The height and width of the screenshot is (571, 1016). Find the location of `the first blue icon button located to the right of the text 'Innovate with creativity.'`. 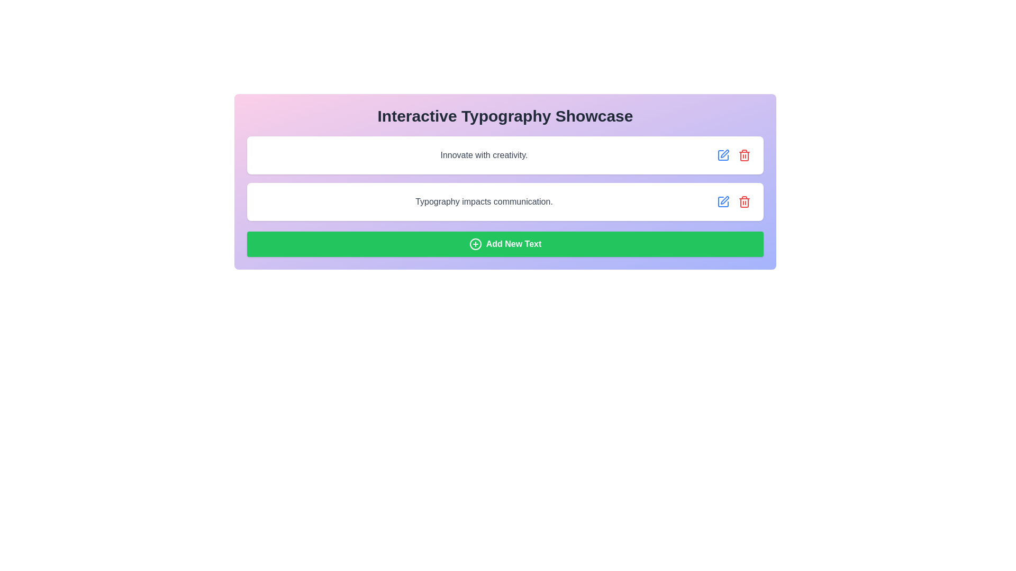

the first blue icon button located to the right of the text 'Innovate with creativity.' is located at coordinates (723, 155).